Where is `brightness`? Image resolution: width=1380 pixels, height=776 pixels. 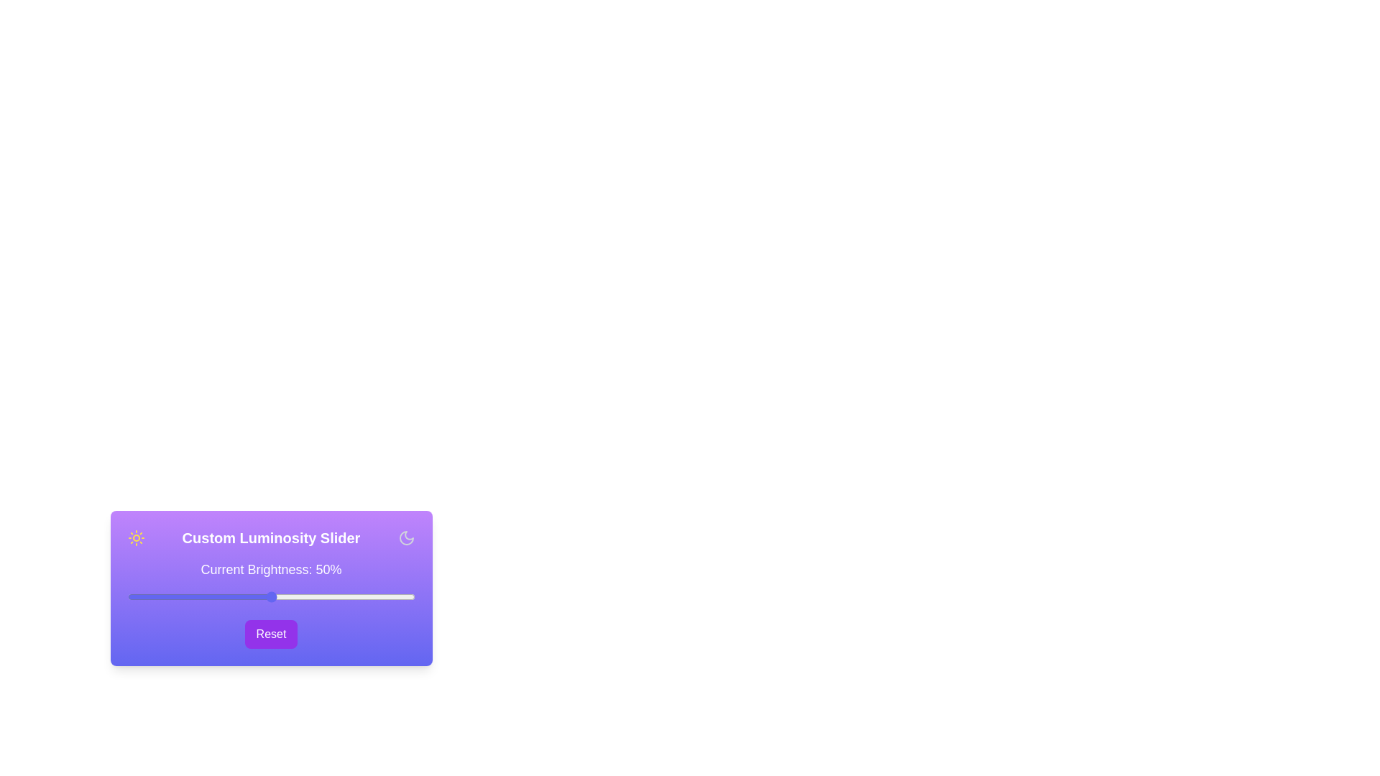 brightness is located at coordinates (195, 596).